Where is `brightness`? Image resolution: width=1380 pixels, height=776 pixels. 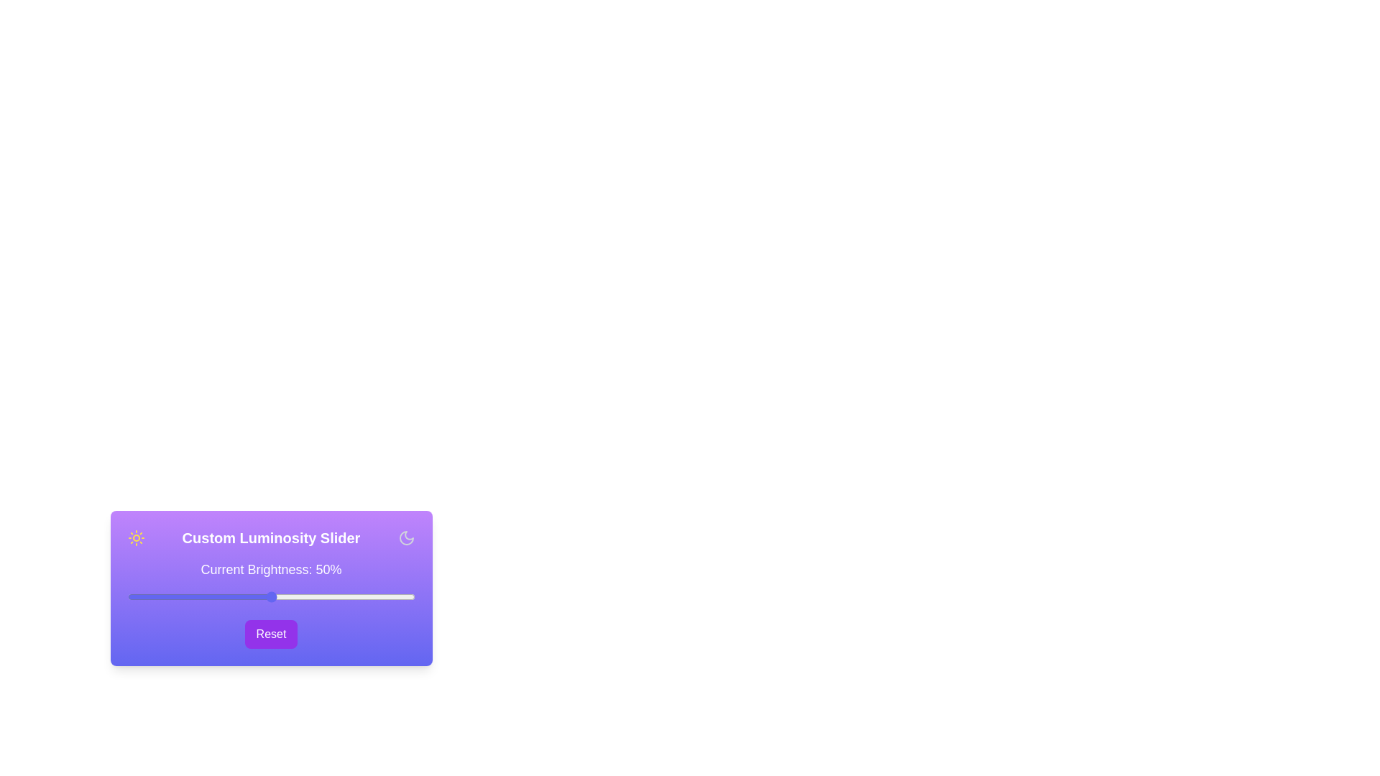 brightness is located at coordinates (195, 596).